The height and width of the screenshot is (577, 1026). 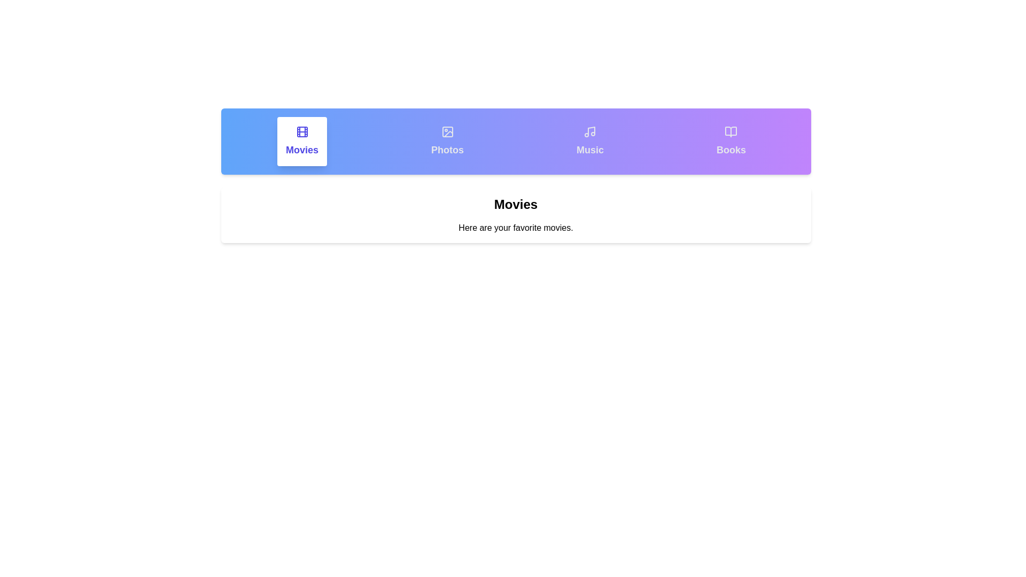 What do you see at coordinates (301, 141) in the screenshot?
I see `the Movies tab to view its hover effects` at bounding box center [301, 141].